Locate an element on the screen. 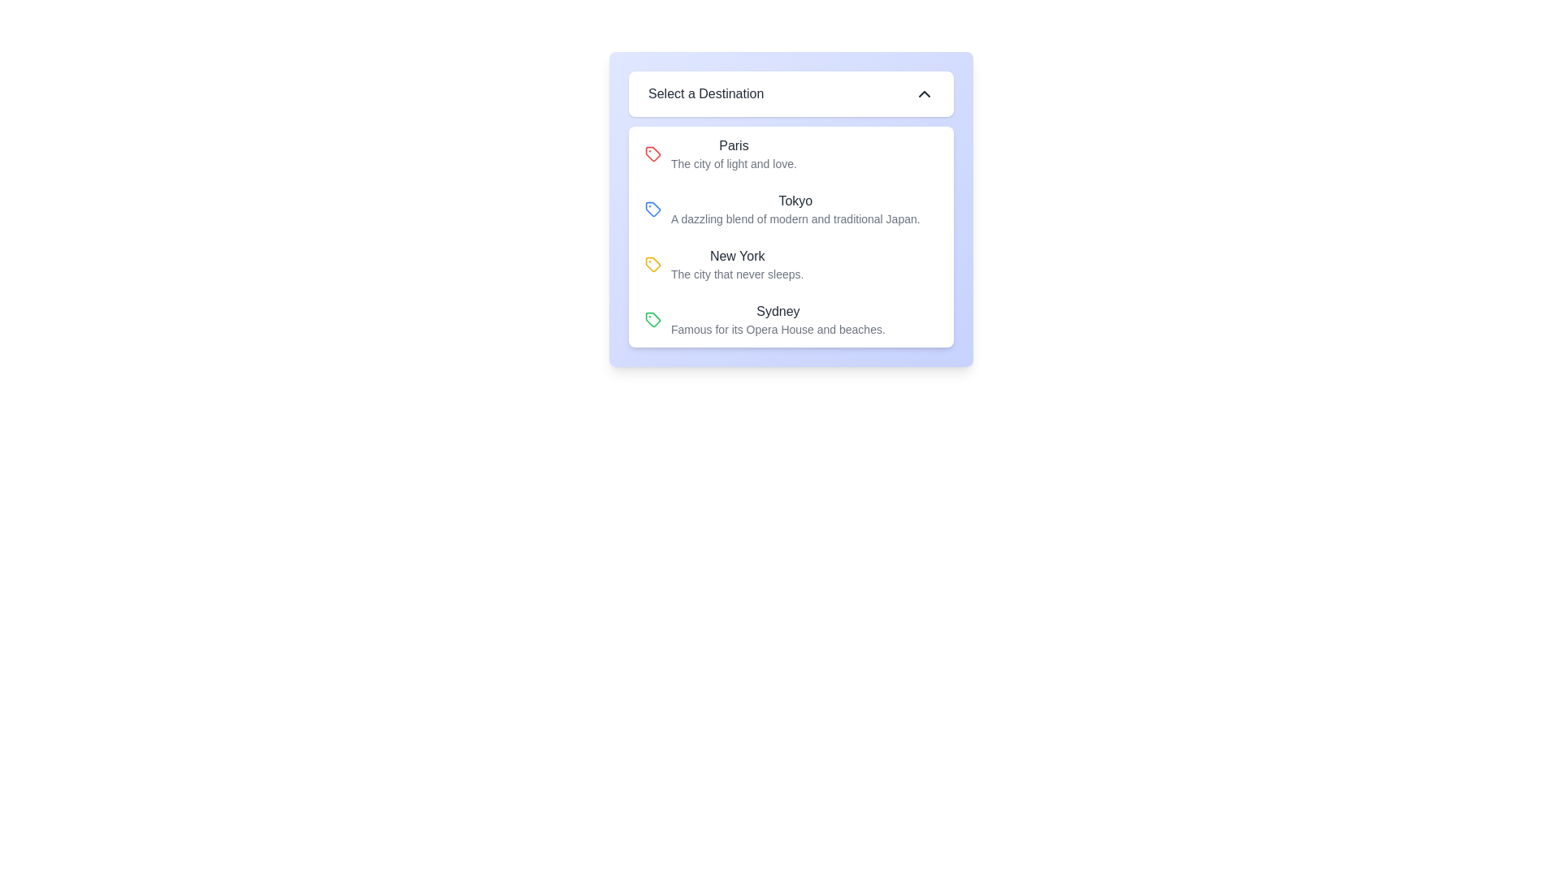 The image size is (1560, 877). the descriptive text element located directly below the 'Paris' destination in the list of destinations is located at coordinates (733, 163).